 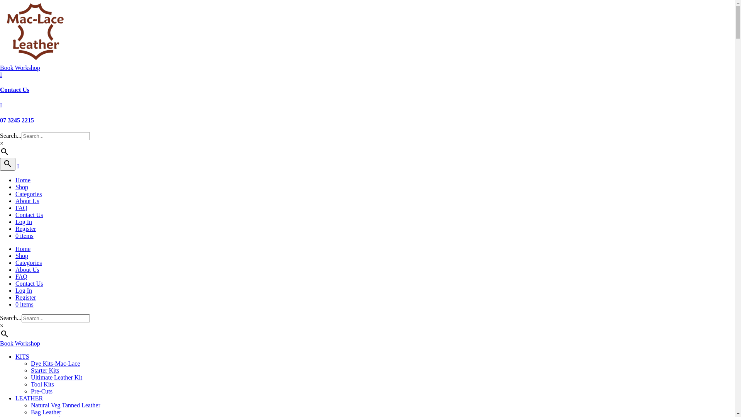 I want to click on 'LEATHER', so click(x=29, y=398).